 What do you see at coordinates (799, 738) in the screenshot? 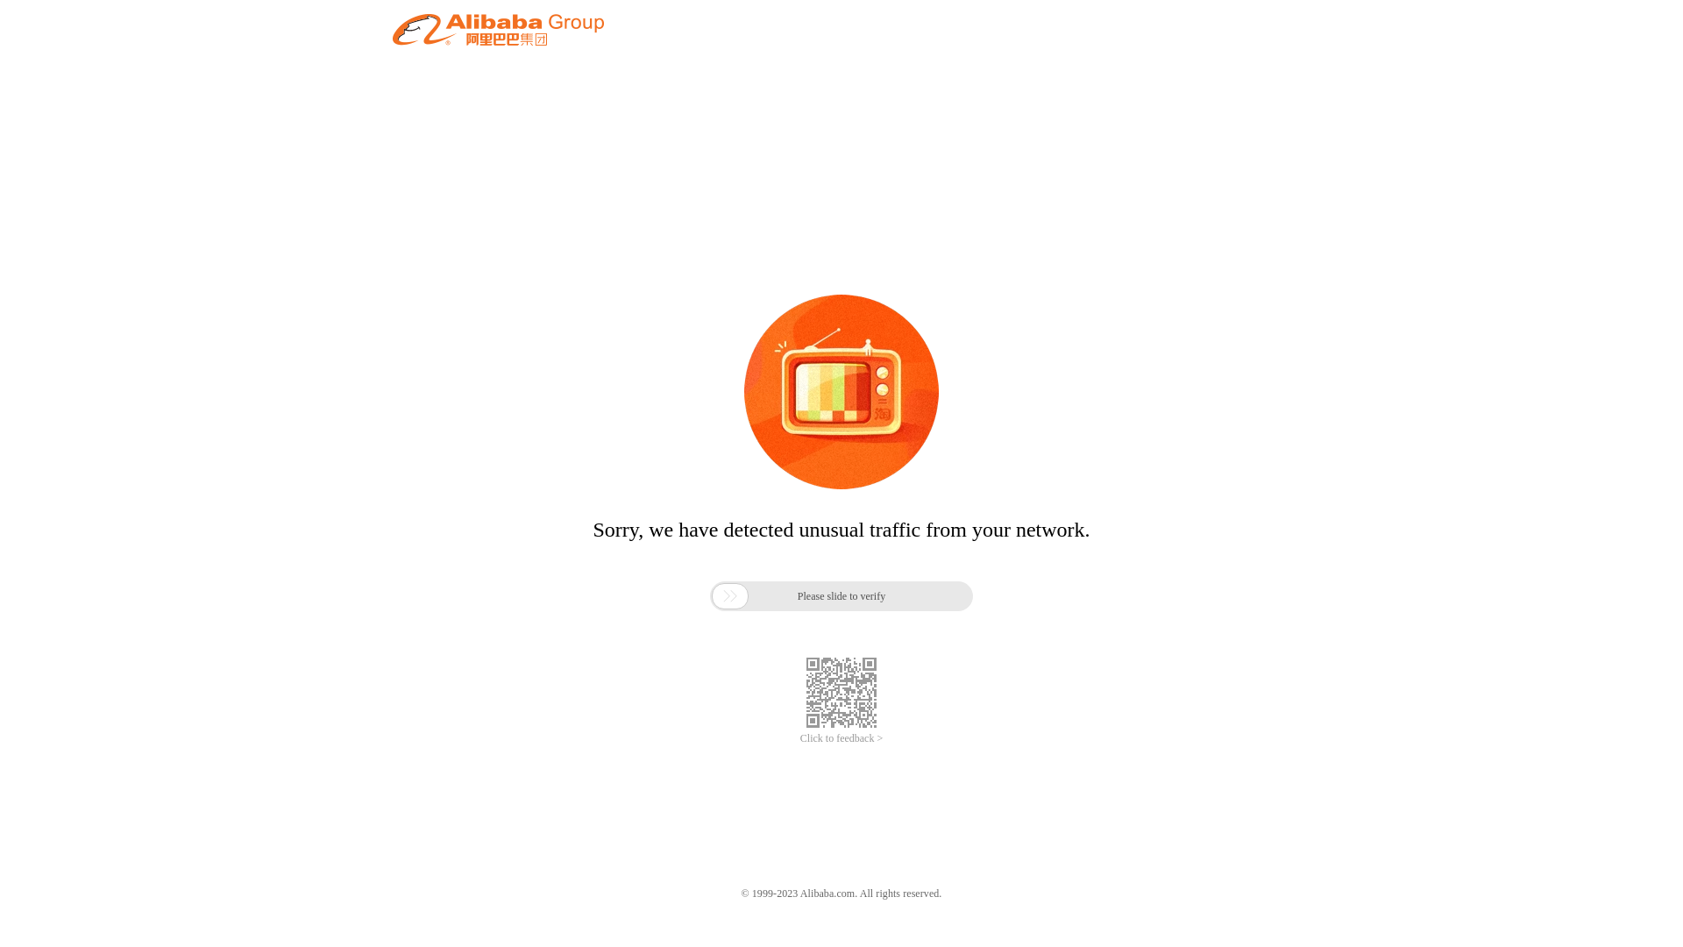
I see `'Click to feedback >'` at bounding box center [799, 738].